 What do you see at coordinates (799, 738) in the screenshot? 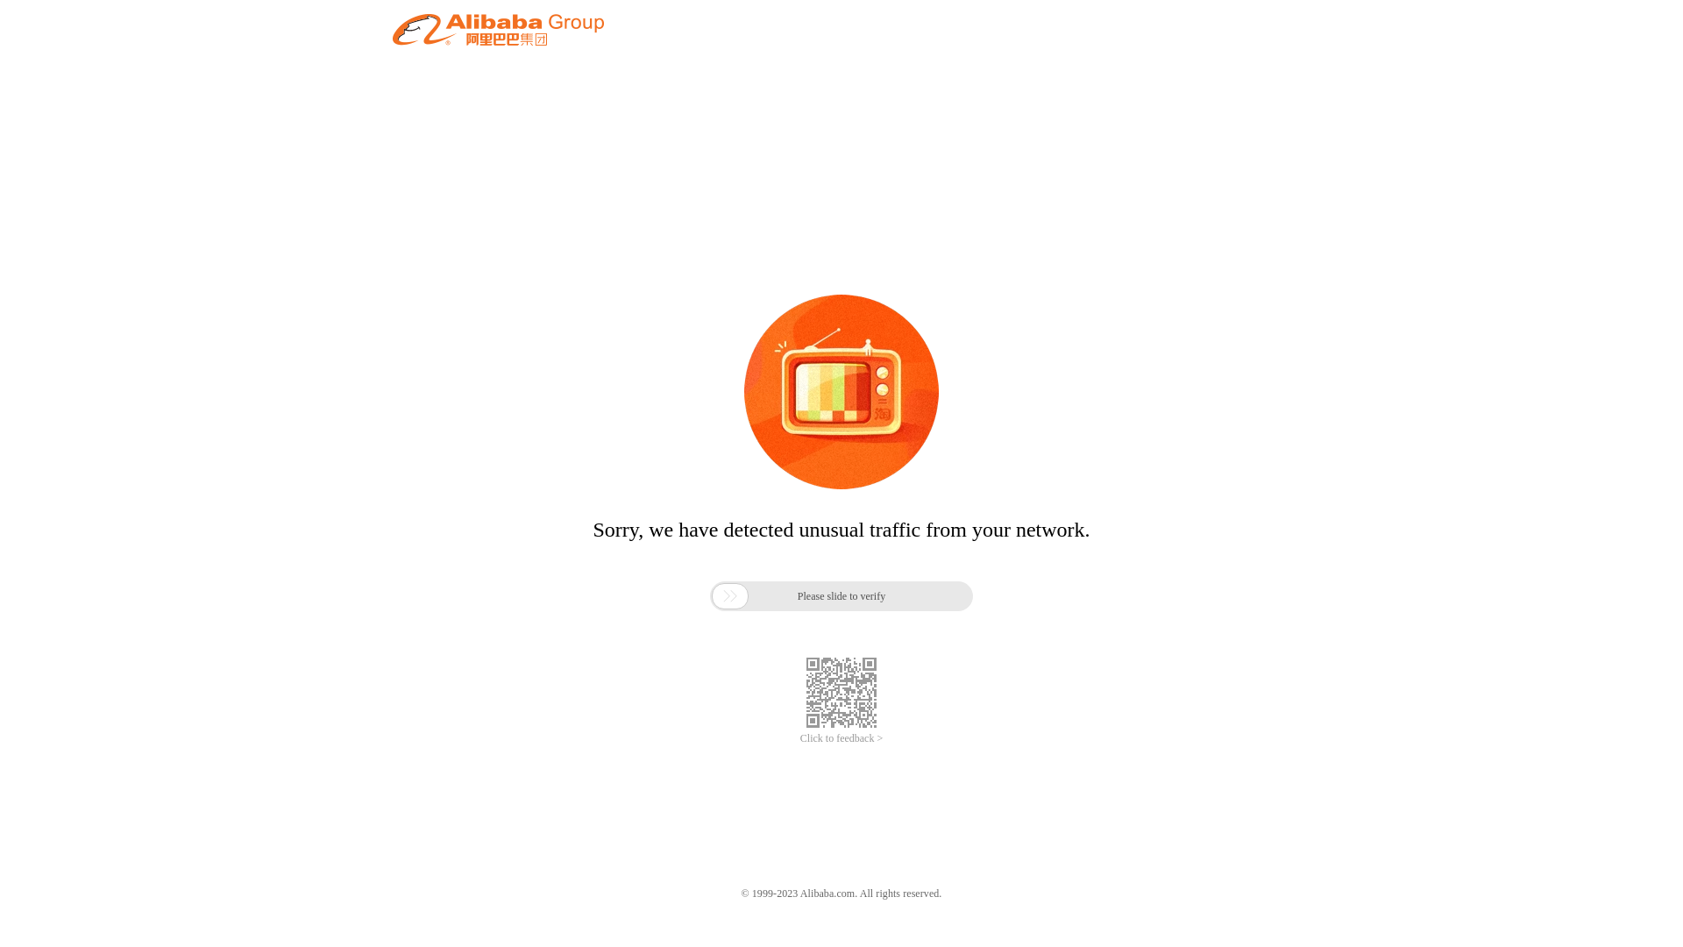
I see `'Click to feedback >'` at bounding box center [799, 738].